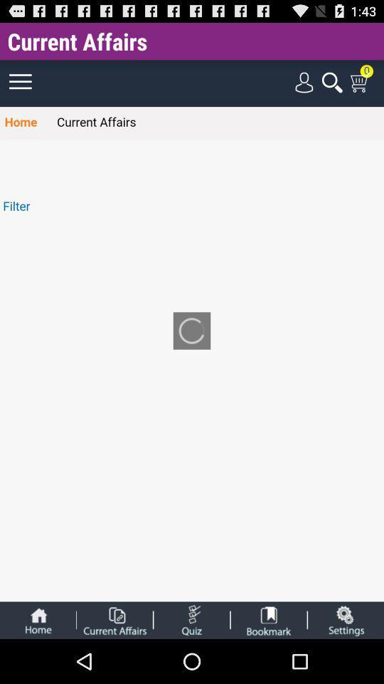 The height and width of the screenshot is (684, 384). Describe the element at coordinates (38, 619) in the screenshot. I see `go home` at that location.